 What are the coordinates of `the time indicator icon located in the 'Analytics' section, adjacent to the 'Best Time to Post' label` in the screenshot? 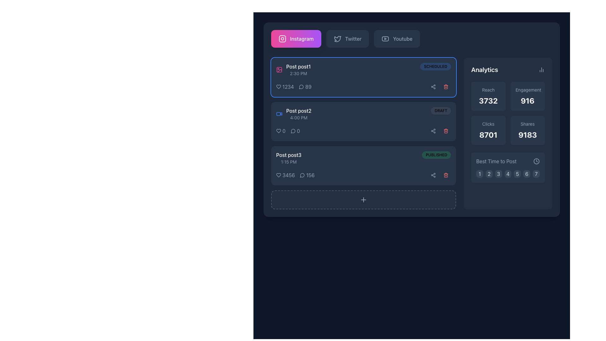 It's located at (536, 161).